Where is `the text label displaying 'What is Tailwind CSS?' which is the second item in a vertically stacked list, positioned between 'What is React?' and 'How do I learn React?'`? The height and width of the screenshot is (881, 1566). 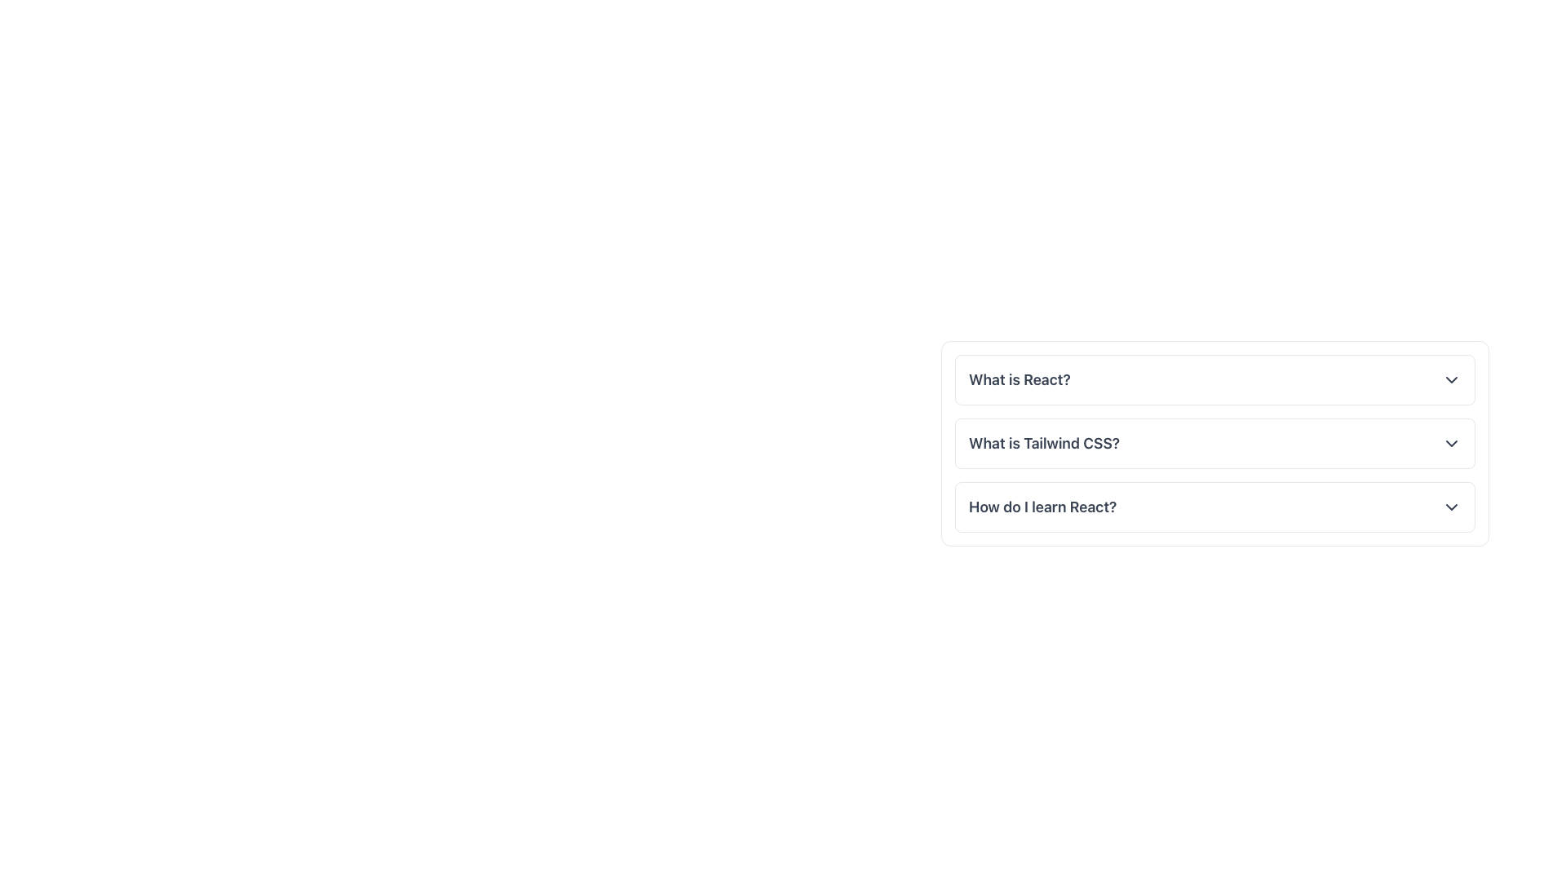
the text label displaying 'What is Tailwind CSS?' which is the second item in a vertically stacked list, positioned between 'What is React?' and 'How do I learn React?' is located at coordinates (1044, 443).